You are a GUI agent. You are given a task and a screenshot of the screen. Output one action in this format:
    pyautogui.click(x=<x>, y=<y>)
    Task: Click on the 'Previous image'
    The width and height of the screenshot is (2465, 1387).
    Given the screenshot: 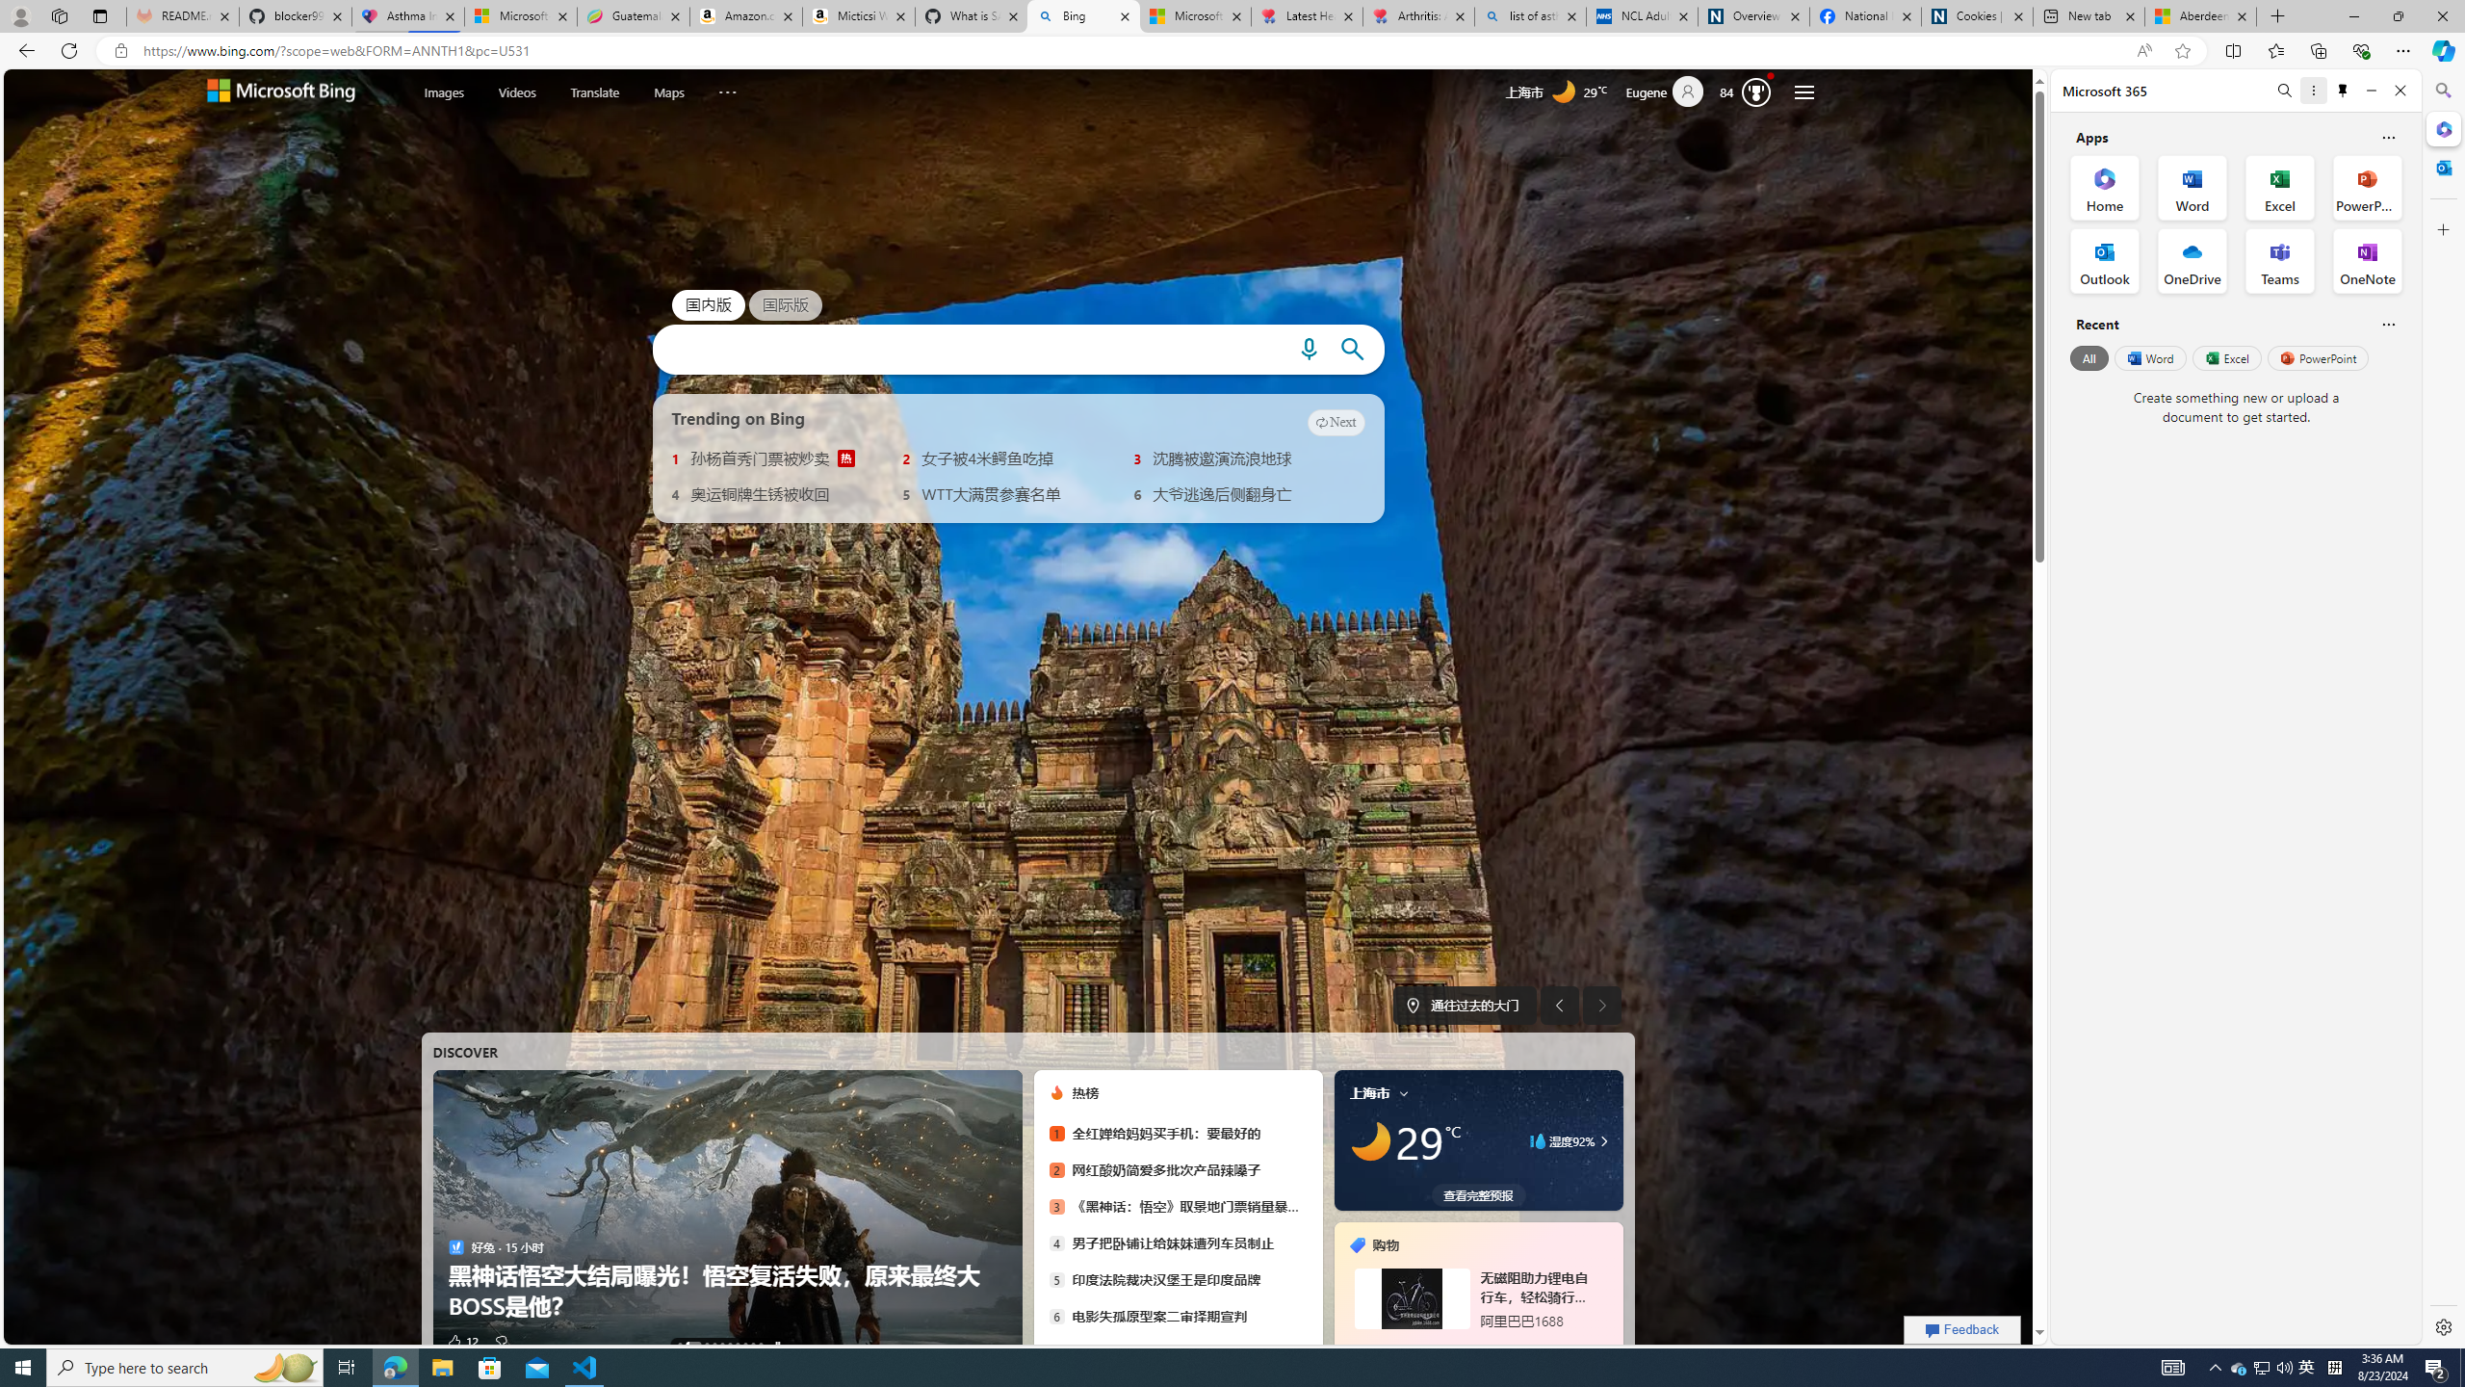 What is the action you would take?
    pyautogui.click(x=1559, y=1005)
    